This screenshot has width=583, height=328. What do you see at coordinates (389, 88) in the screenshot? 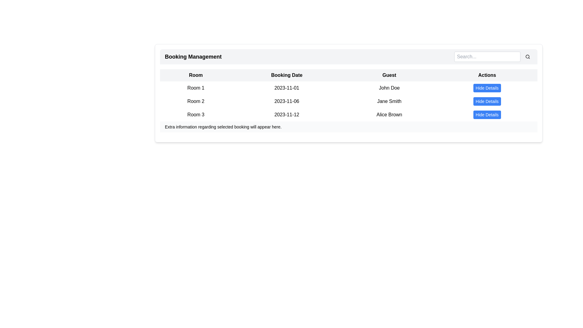
I see `the static text element displaying 'John Doe' in the 'Guest' column of the table, which is located in the first row` at bounding box center [389, 88].